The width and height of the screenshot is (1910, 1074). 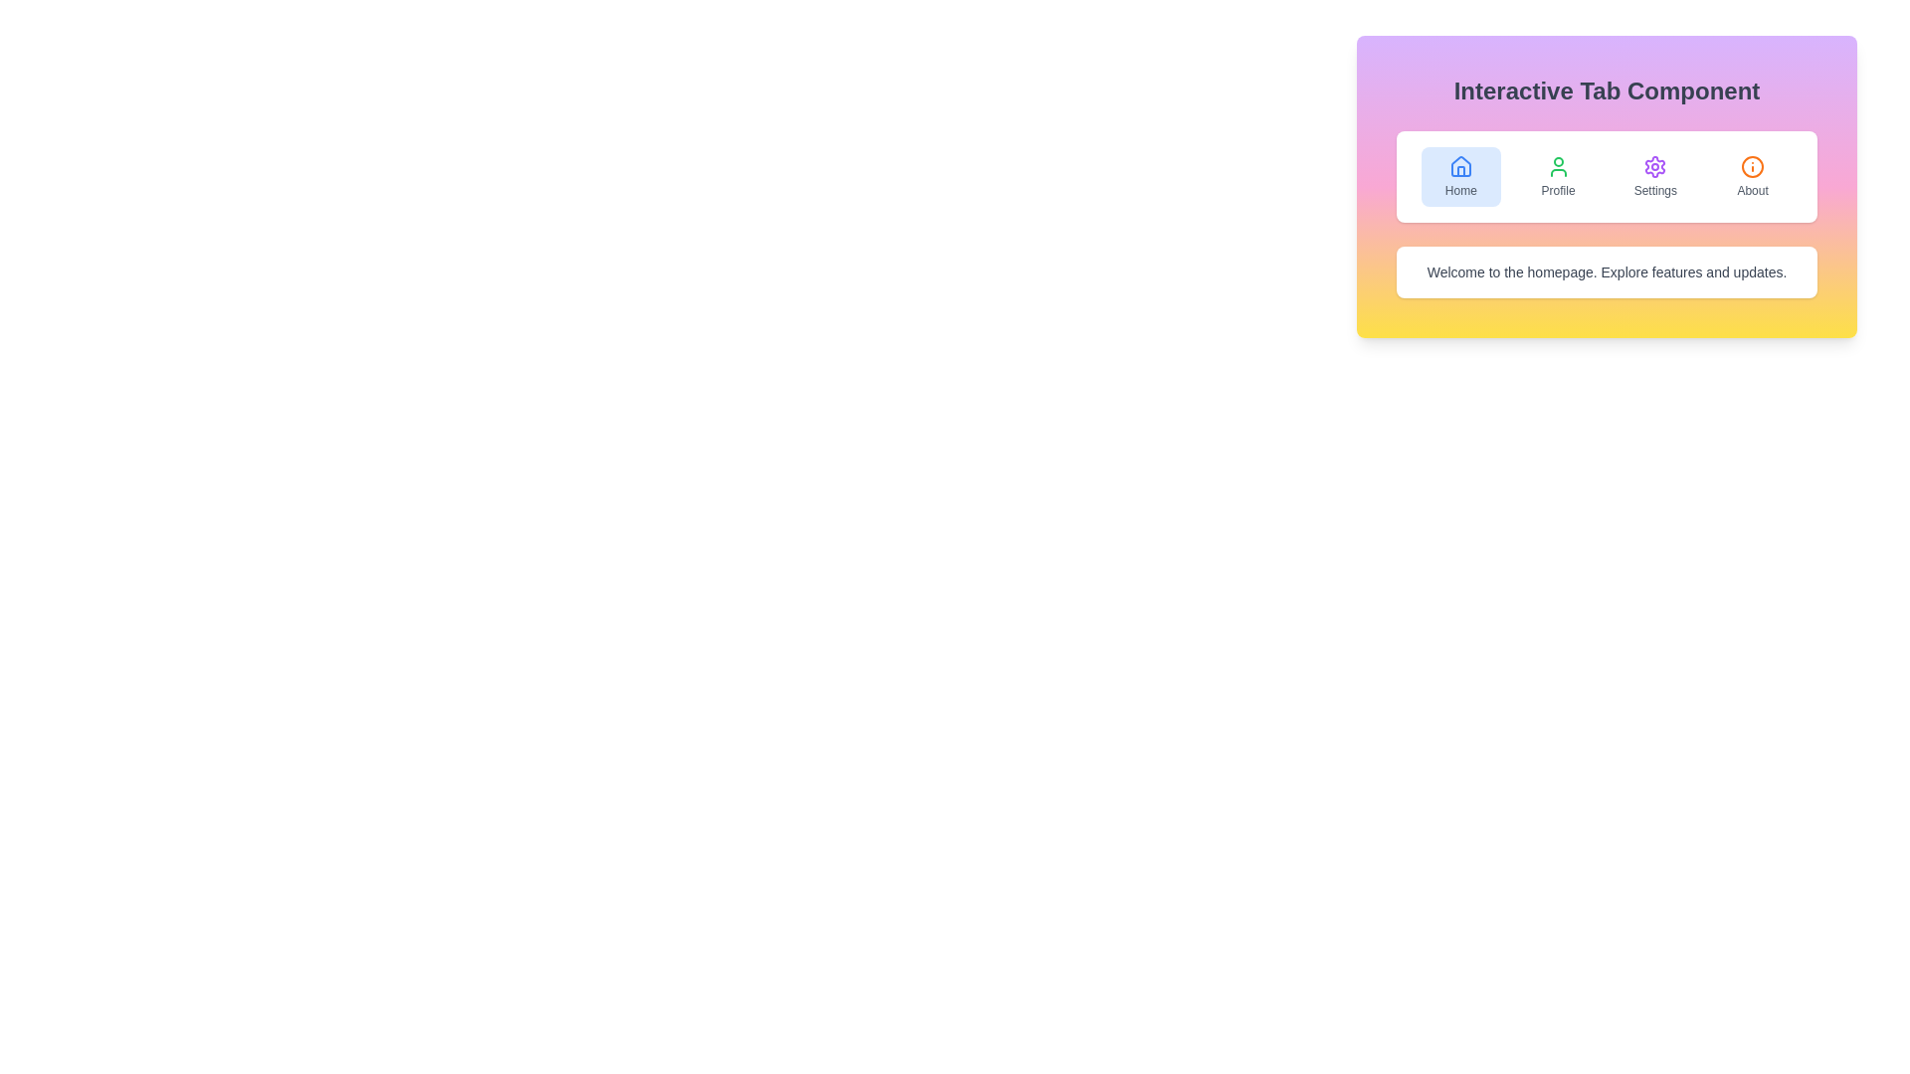 I want to click on the Settings tab by clicking on its button, so click(x=1655, y=175).